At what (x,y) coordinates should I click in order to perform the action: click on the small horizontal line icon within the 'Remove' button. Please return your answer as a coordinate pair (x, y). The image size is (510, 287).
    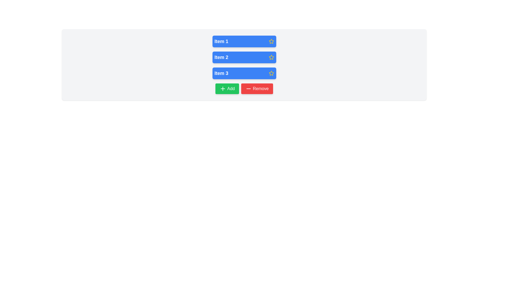
    Looking at the image, I should click on (248, 88).